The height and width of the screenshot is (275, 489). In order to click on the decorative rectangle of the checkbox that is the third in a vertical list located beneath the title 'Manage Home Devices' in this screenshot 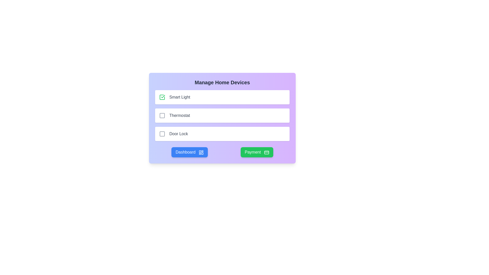, I will do `click(162, 133)`.